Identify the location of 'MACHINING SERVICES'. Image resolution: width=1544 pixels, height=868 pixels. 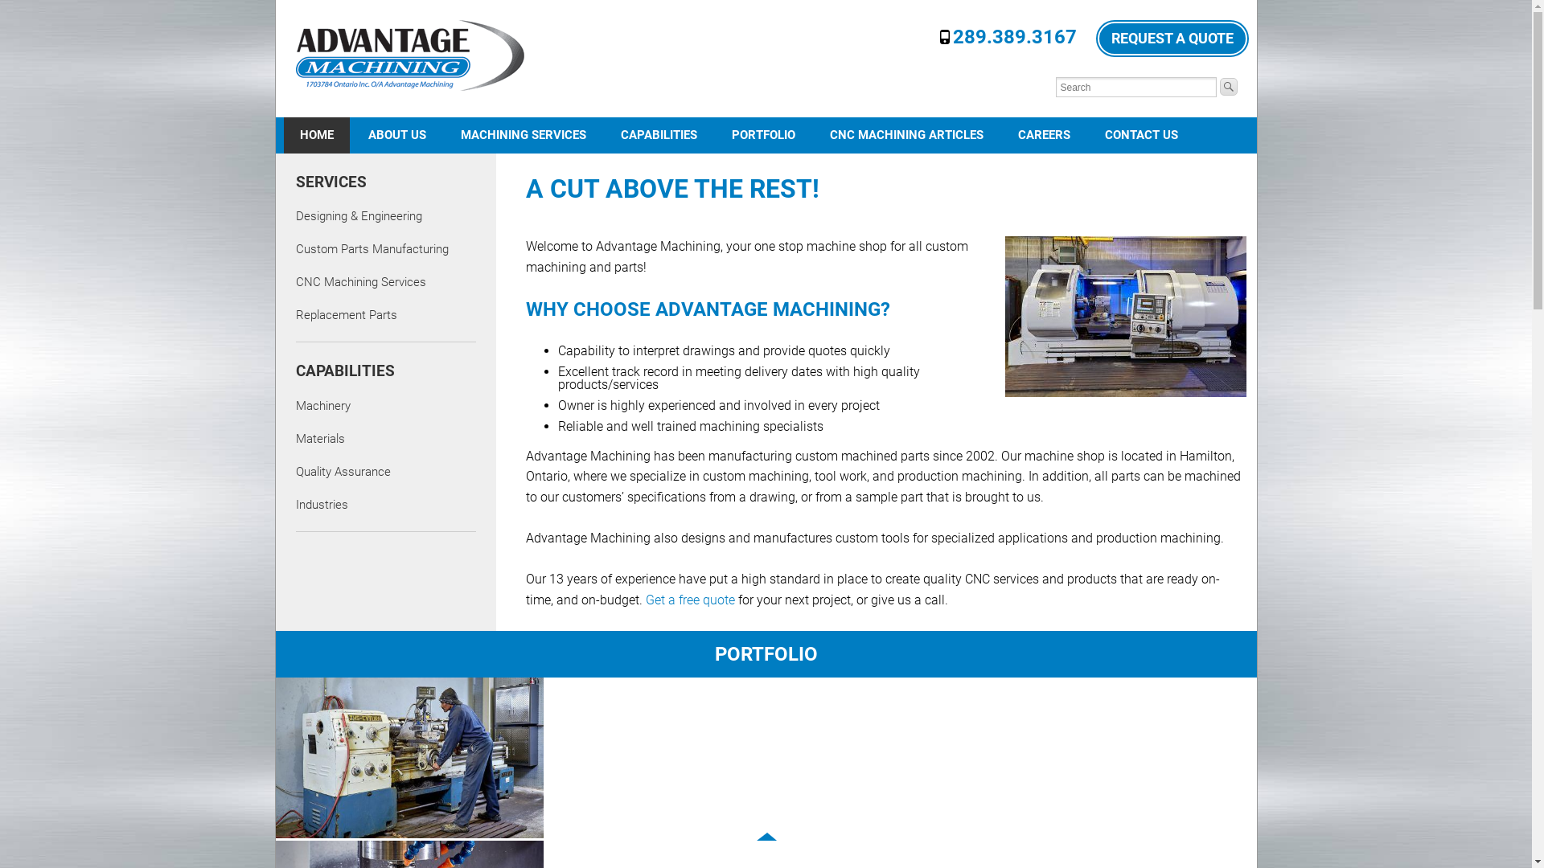
(522, 134).